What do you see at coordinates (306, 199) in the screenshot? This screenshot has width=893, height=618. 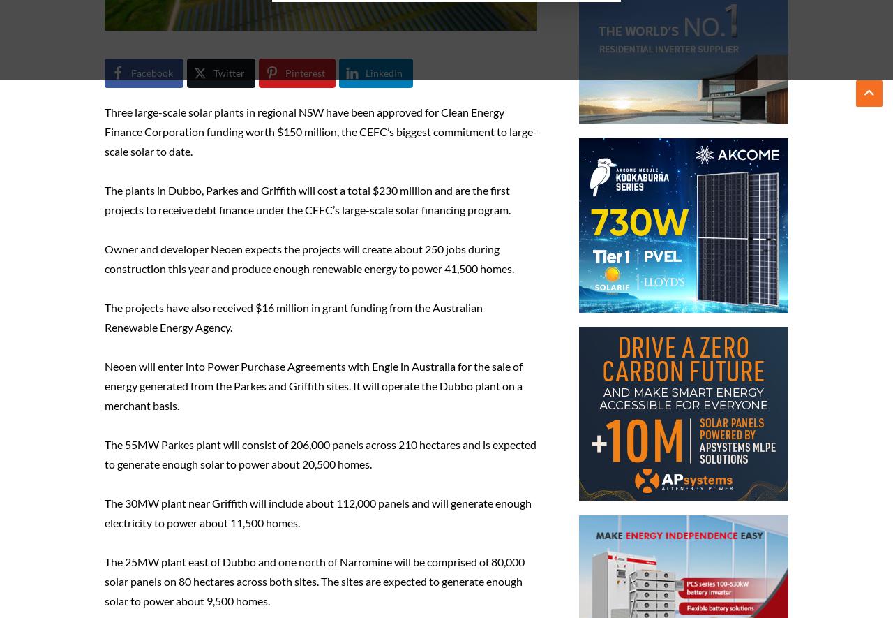 I see `'The plants in Dubbo, Parkes and Griffith will cost a total $230 million and are the first projects to receive debt finance under the CEFC’s large-scale solar financing program.'` at bounding box center [306, 199].